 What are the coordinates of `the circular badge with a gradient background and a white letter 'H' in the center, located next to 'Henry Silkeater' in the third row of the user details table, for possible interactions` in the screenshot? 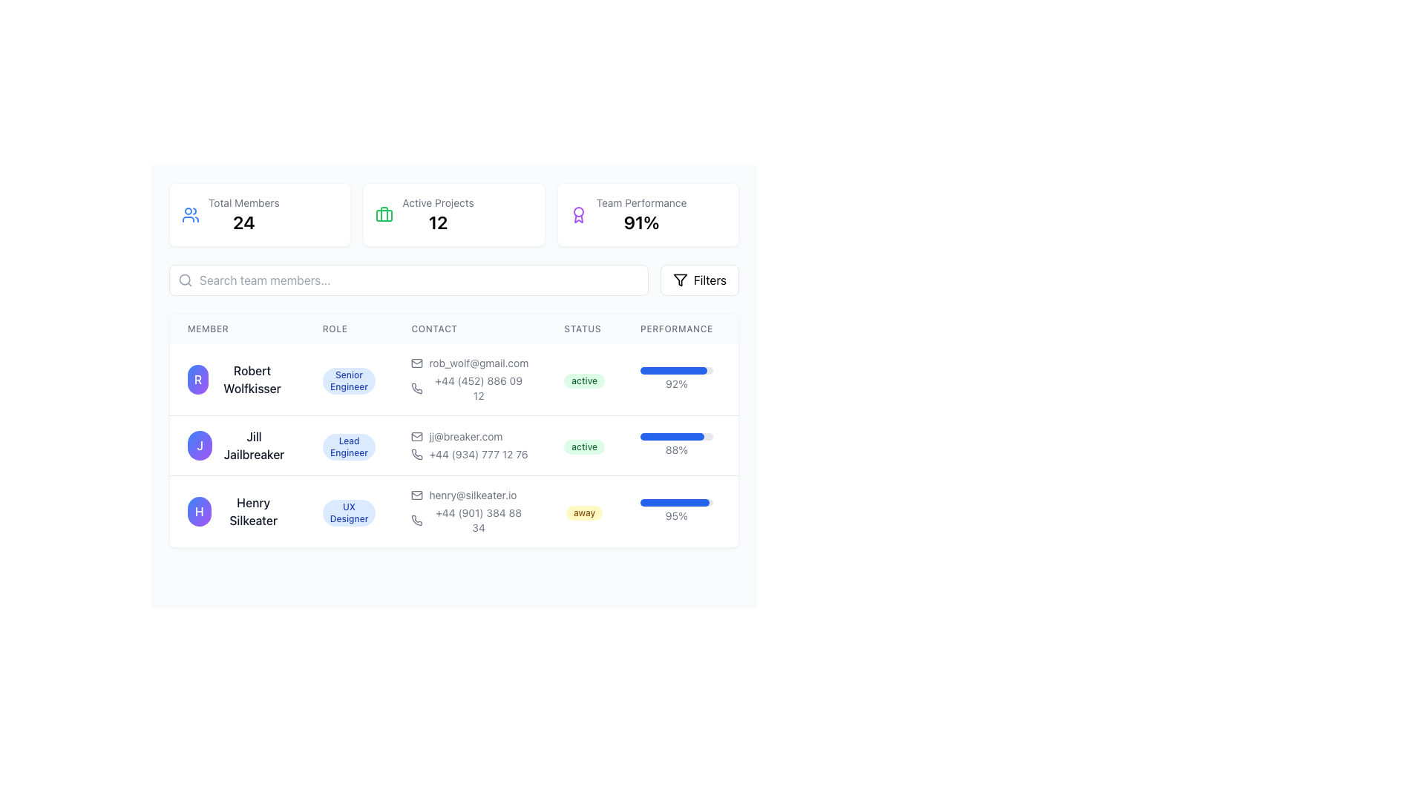 It's located at (198, 511).